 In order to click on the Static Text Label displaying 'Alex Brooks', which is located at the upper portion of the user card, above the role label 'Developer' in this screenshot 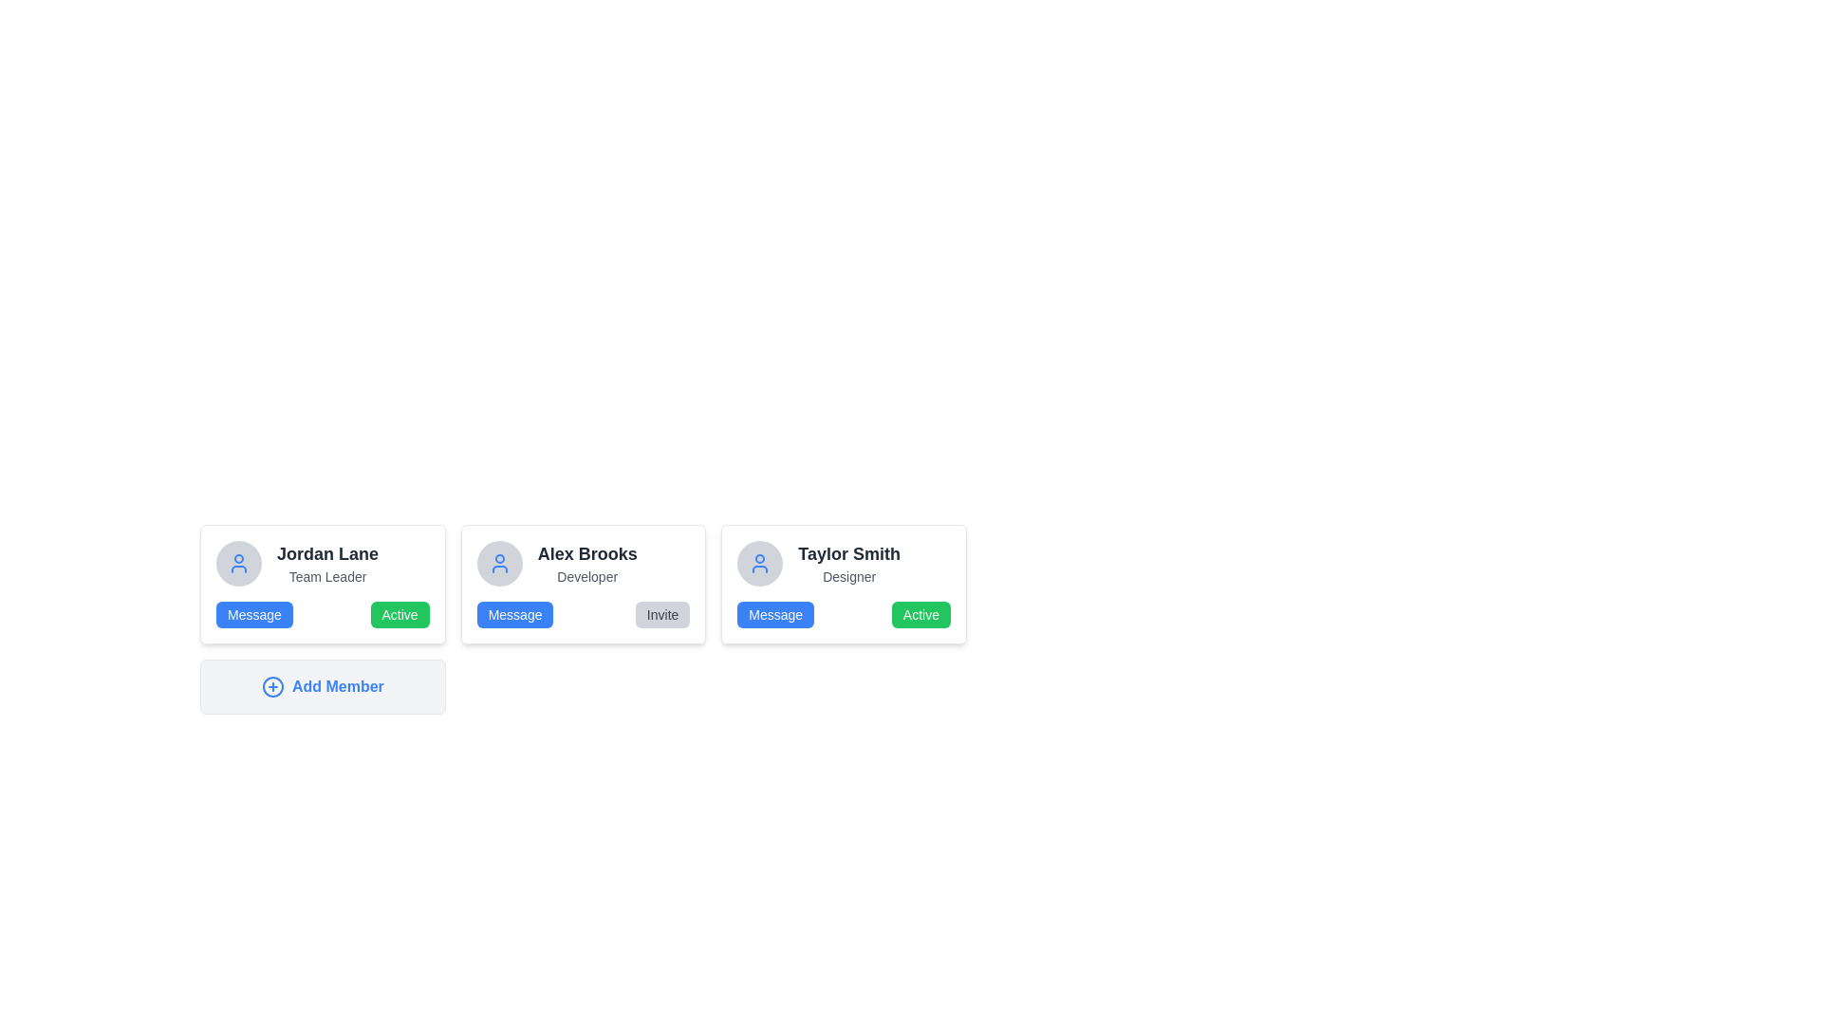, I will do `click(586, 553)`.